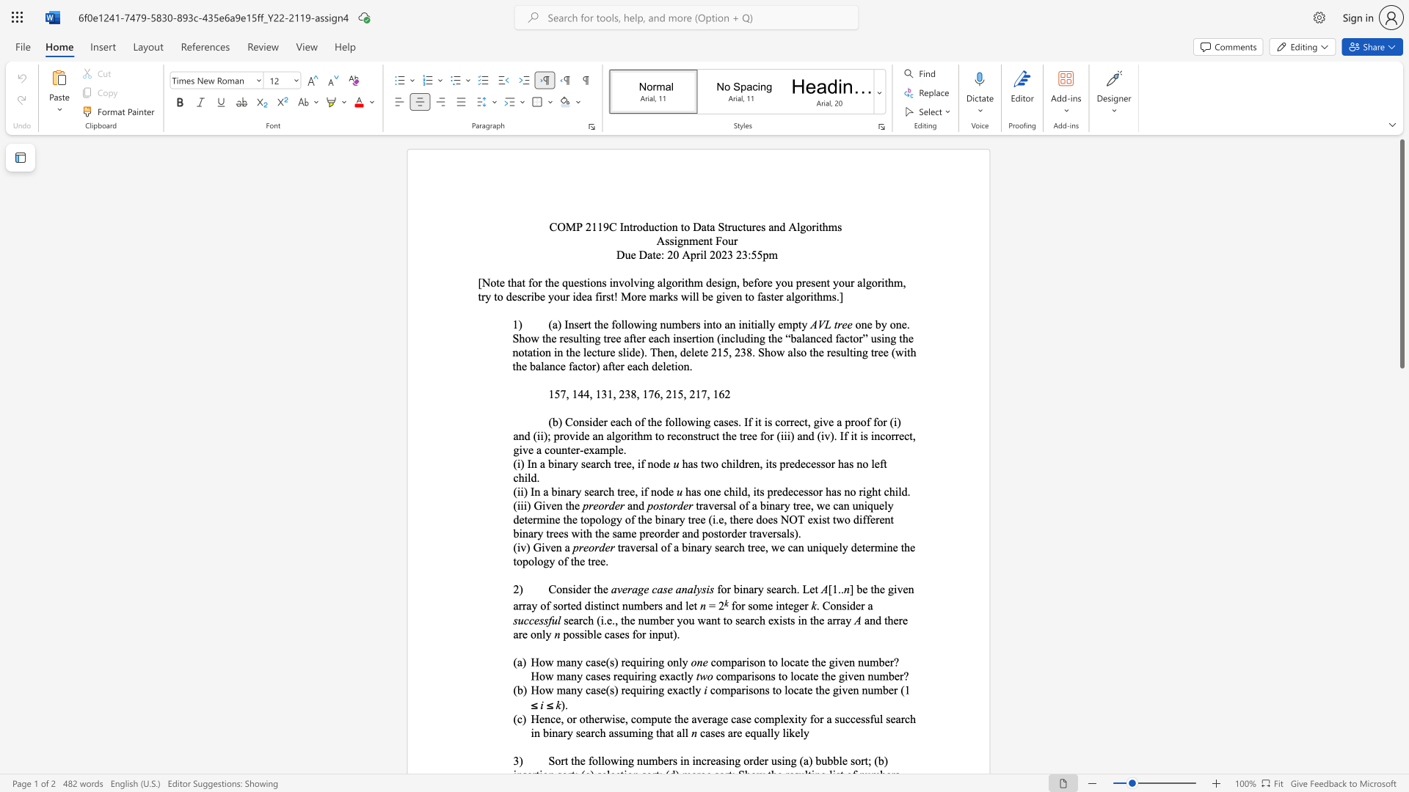  I want to click on the subset text "given nu" within the text "comparisons to locate the given number?", so click(838, 676).